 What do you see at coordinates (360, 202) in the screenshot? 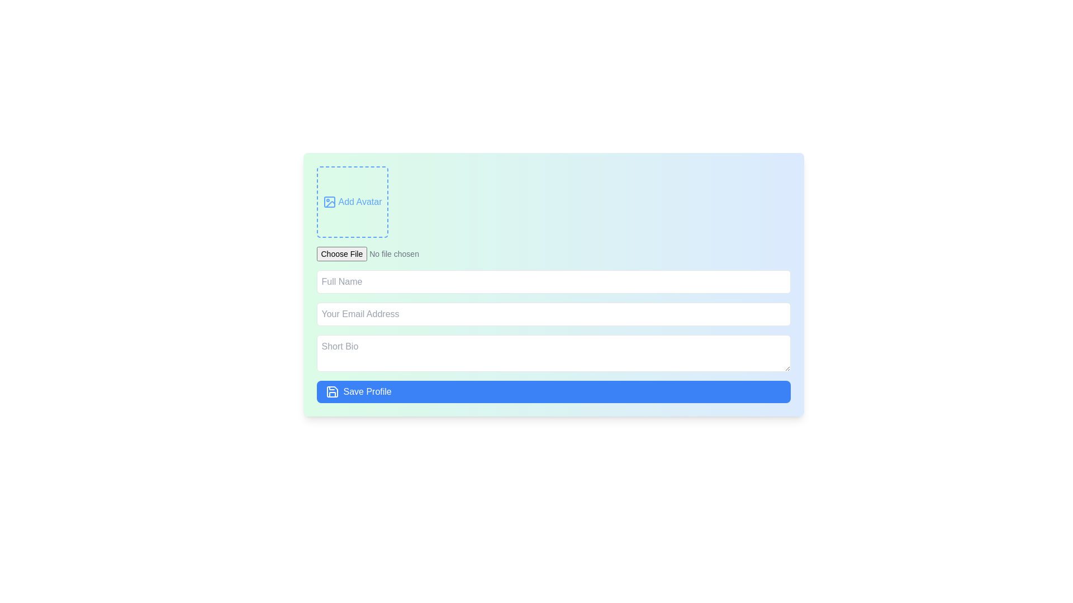
I see `the static text label displaying 'Add Avatar' which is located inside a dashed bordered box next to an image icon` at bounding box center [360, 202].